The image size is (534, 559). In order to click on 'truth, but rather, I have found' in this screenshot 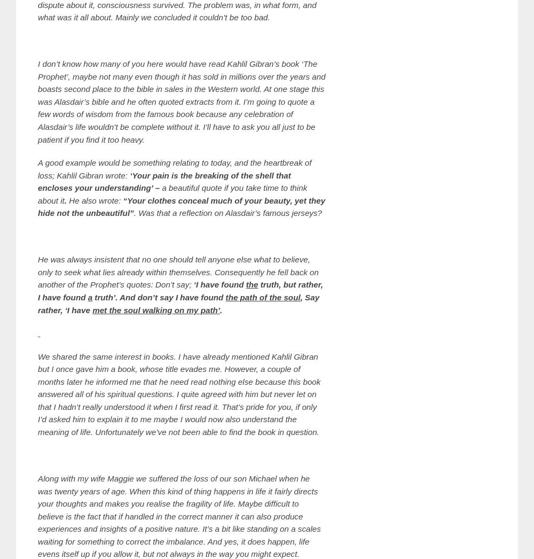, I will do `click(180, 290)`.